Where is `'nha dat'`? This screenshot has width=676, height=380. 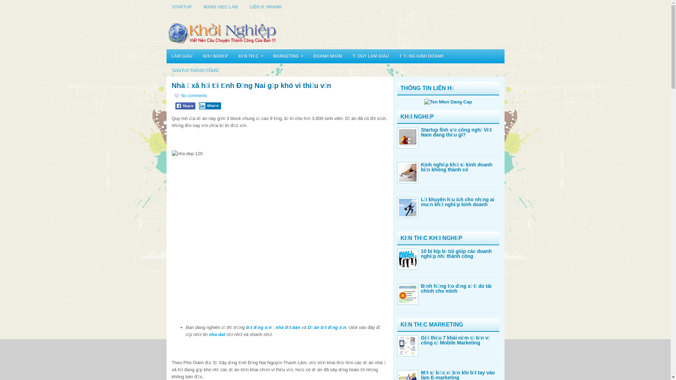
'nha dat' is located at coordinates (216, 334).